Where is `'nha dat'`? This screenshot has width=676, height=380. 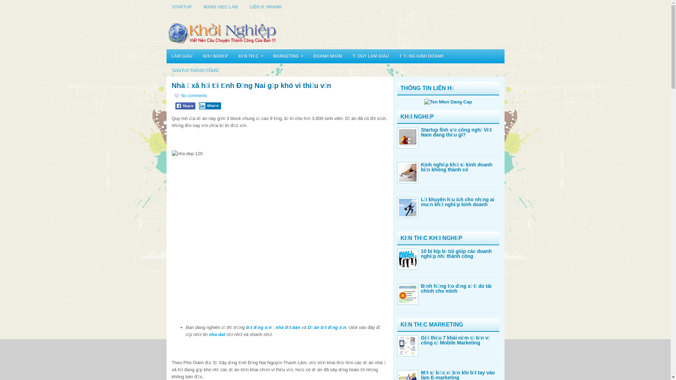
'nha dat' is located at coordinates (216, 334).